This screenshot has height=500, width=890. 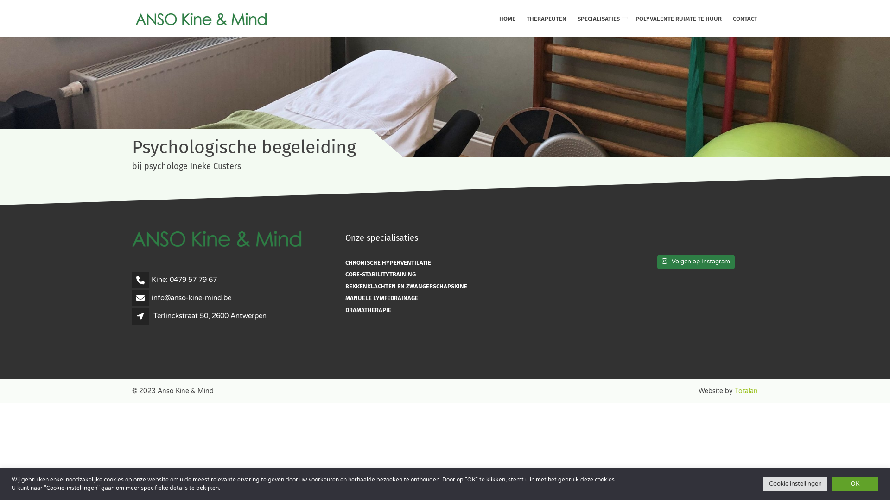 I want to click on 'Kine: 0479 57 79 67', so click(x=184, y=279).